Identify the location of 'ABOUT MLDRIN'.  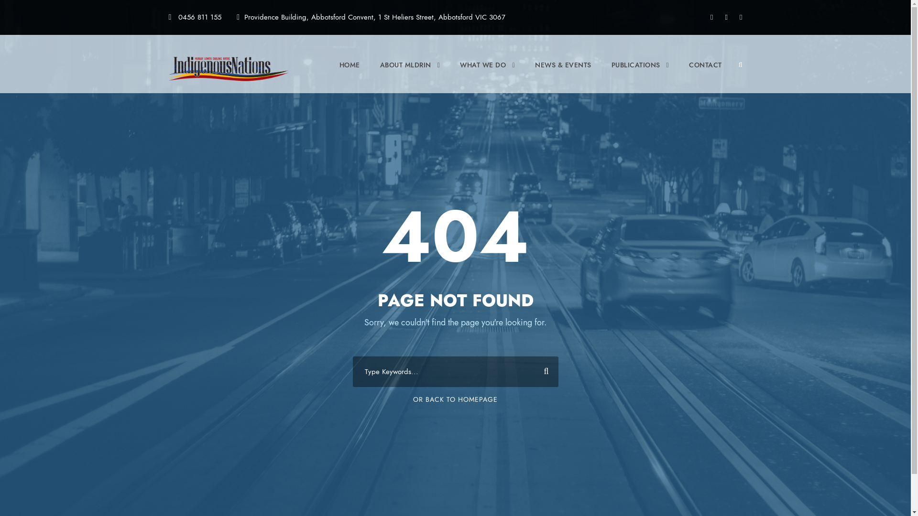
(410, 73).